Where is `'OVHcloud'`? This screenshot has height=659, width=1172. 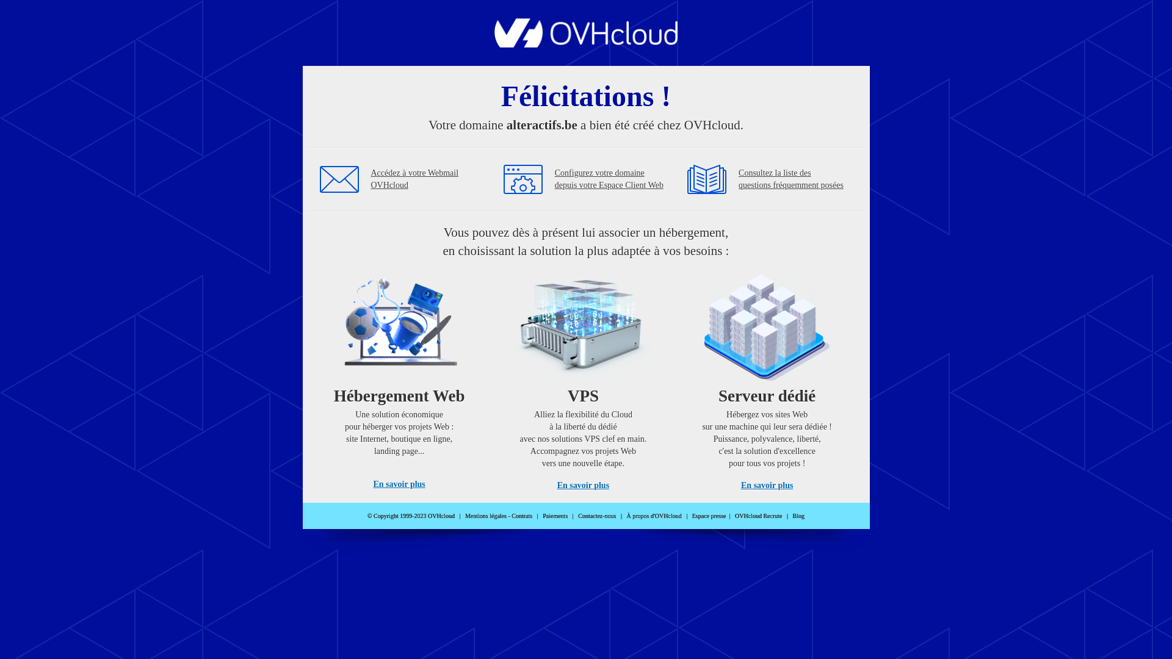
'OVHcloud' is located at coordinates (586, 43).